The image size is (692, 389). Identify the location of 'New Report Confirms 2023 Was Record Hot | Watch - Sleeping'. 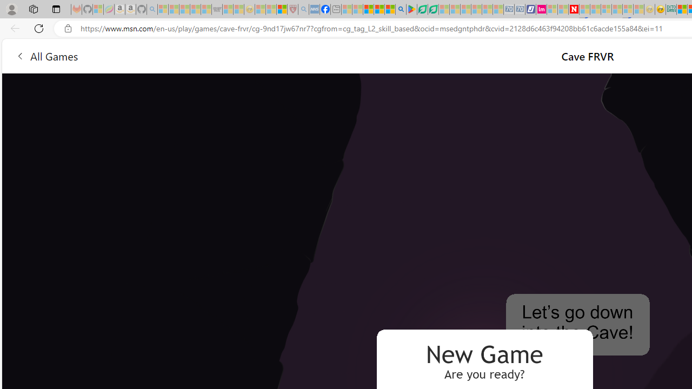
(206, 9).